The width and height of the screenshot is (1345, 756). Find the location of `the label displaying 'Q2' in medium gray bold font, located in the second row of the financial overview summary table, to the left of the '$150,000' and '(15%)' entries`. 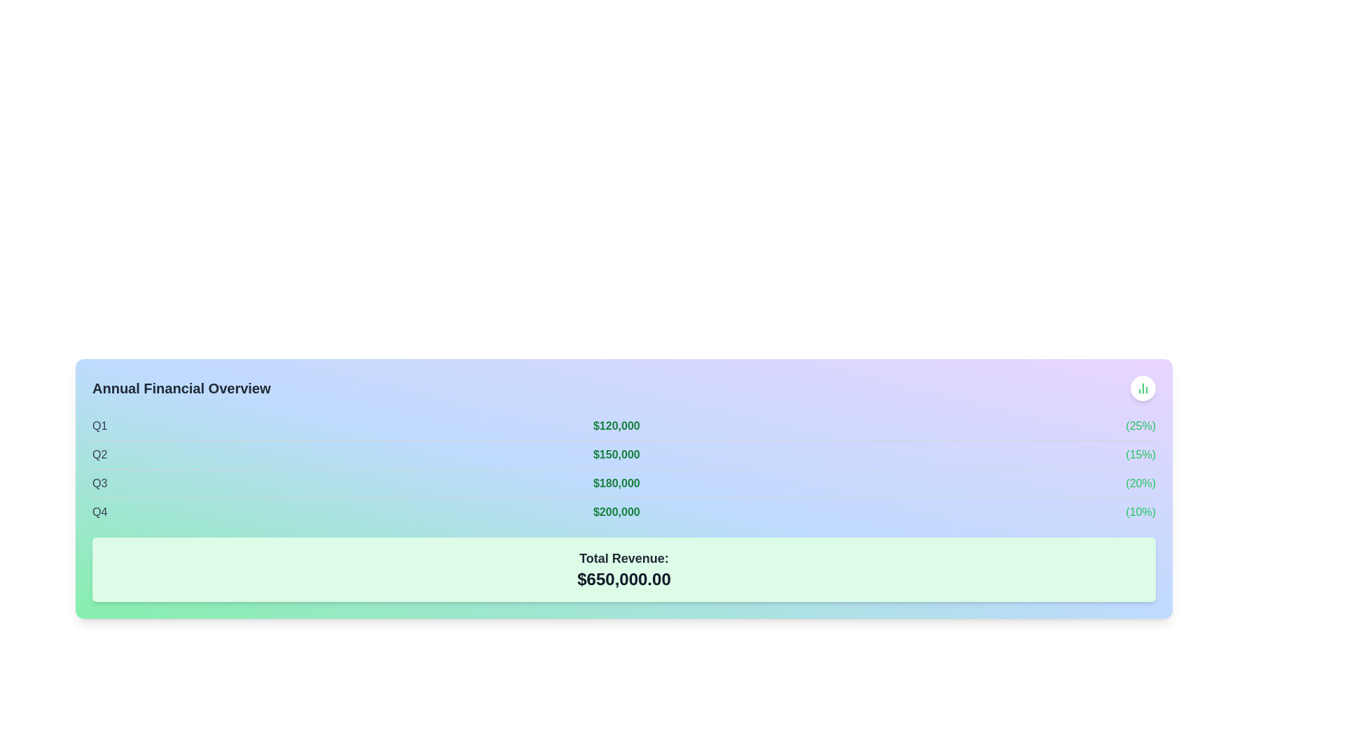

the label displaying 'Q2' in medium gray bold font, located in the second row of the financial overview summary table, to the left of the '$150,000' and '(15%)' entries is located at coordinates (99, 455).